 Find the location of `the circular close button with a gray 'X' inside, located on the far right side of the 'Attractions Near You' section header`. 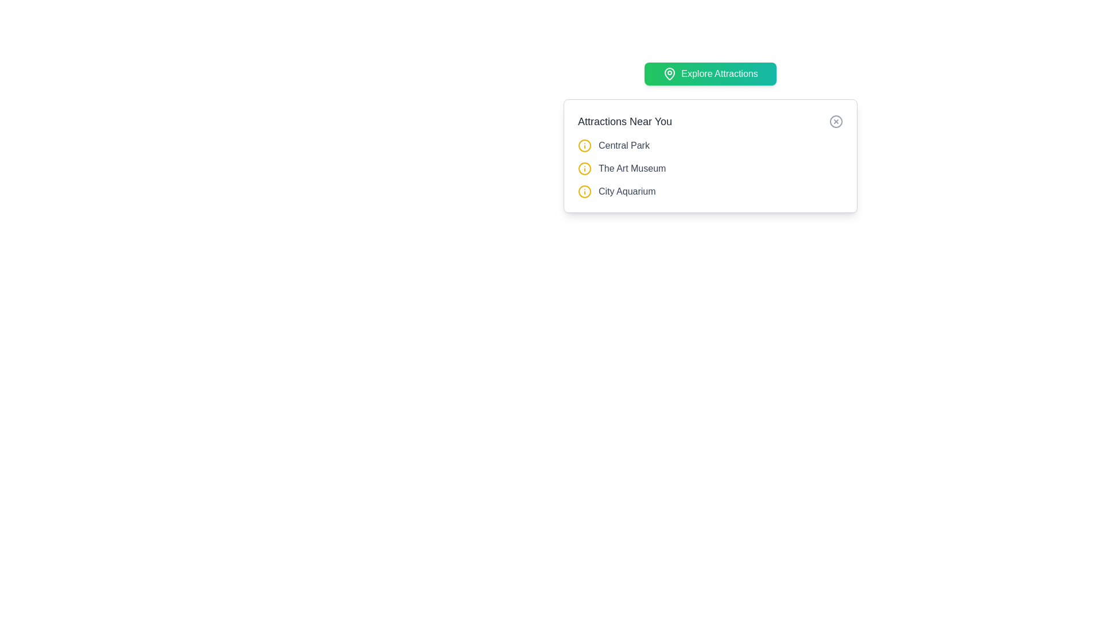

the circular close button with a gray 'X' inside, located on the far right side of the 'Attractions Near You' section header is located at coordinates (836, 122).